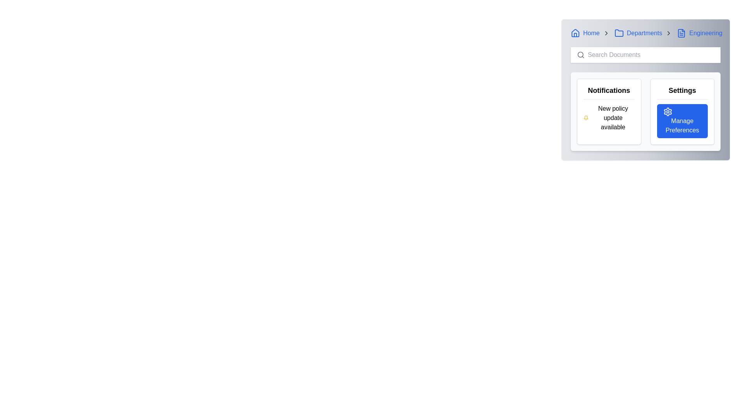  I want to click on the clickable text link that serves as a navigation link to the 'Home' page, positioned at the start of the breadcrumb navigation bar, to the immediate left of the 'Departments' link, so click(585, 33).